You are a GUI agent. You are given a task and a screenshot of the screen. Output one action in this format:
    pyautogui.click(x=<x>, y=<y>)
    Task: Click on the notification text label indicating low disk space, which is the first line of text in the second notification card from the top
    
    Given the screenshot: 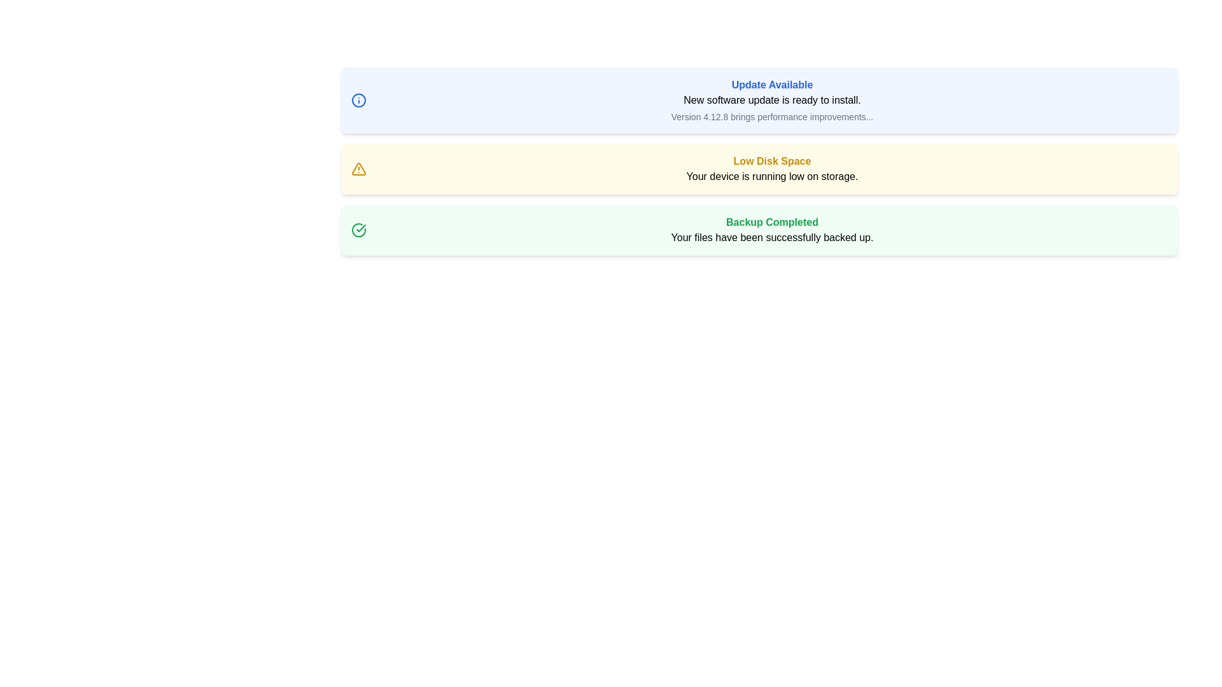 What is the action you would take?
    pyautogui.click(x=771, y=161)
    